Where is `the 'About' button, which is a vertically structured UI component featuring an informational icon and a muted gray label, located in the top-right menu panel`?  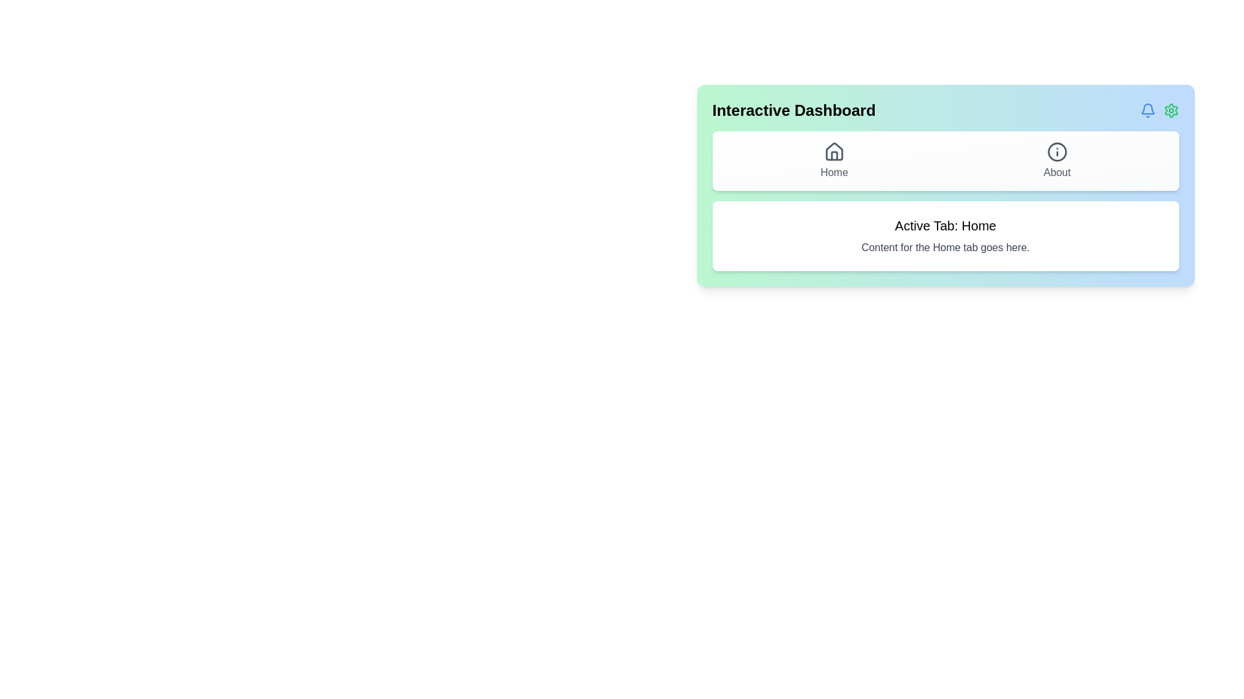 the 'About' button, which is a vertically structured UI component featuring an informational icon and a muted gray label, located in the top-right menu panel is located at coordinates (1057, 161).